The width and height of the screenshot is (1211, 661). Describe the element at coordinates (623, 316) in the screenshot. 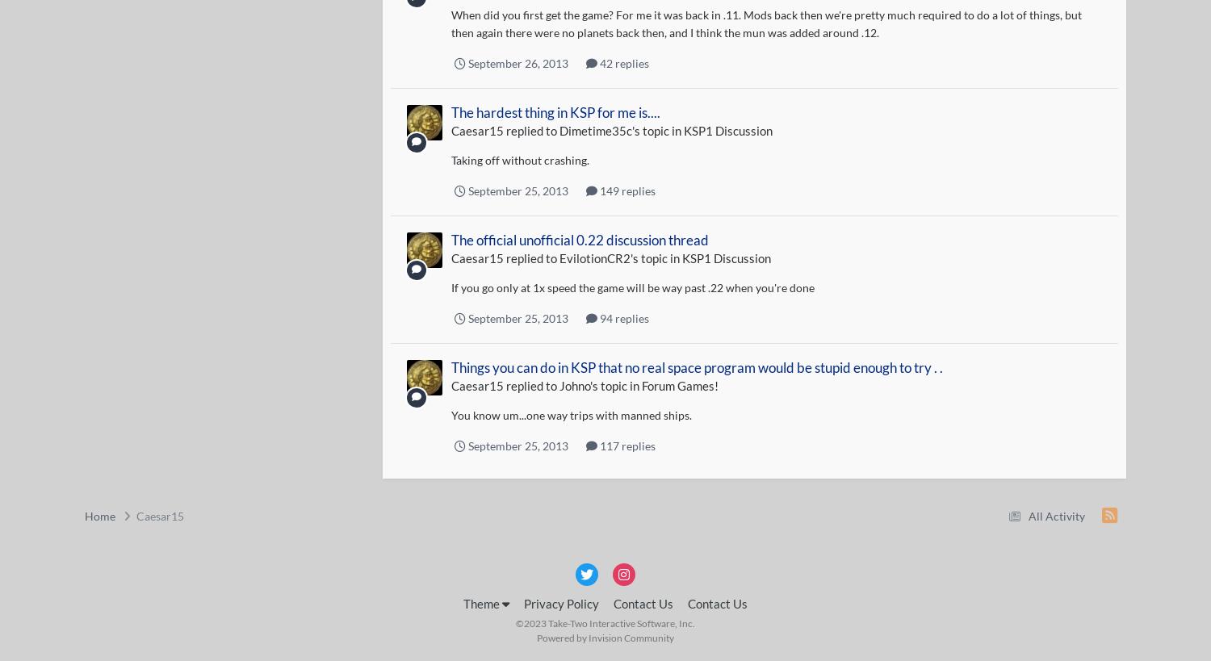

I see `'94 replies'` at that location.